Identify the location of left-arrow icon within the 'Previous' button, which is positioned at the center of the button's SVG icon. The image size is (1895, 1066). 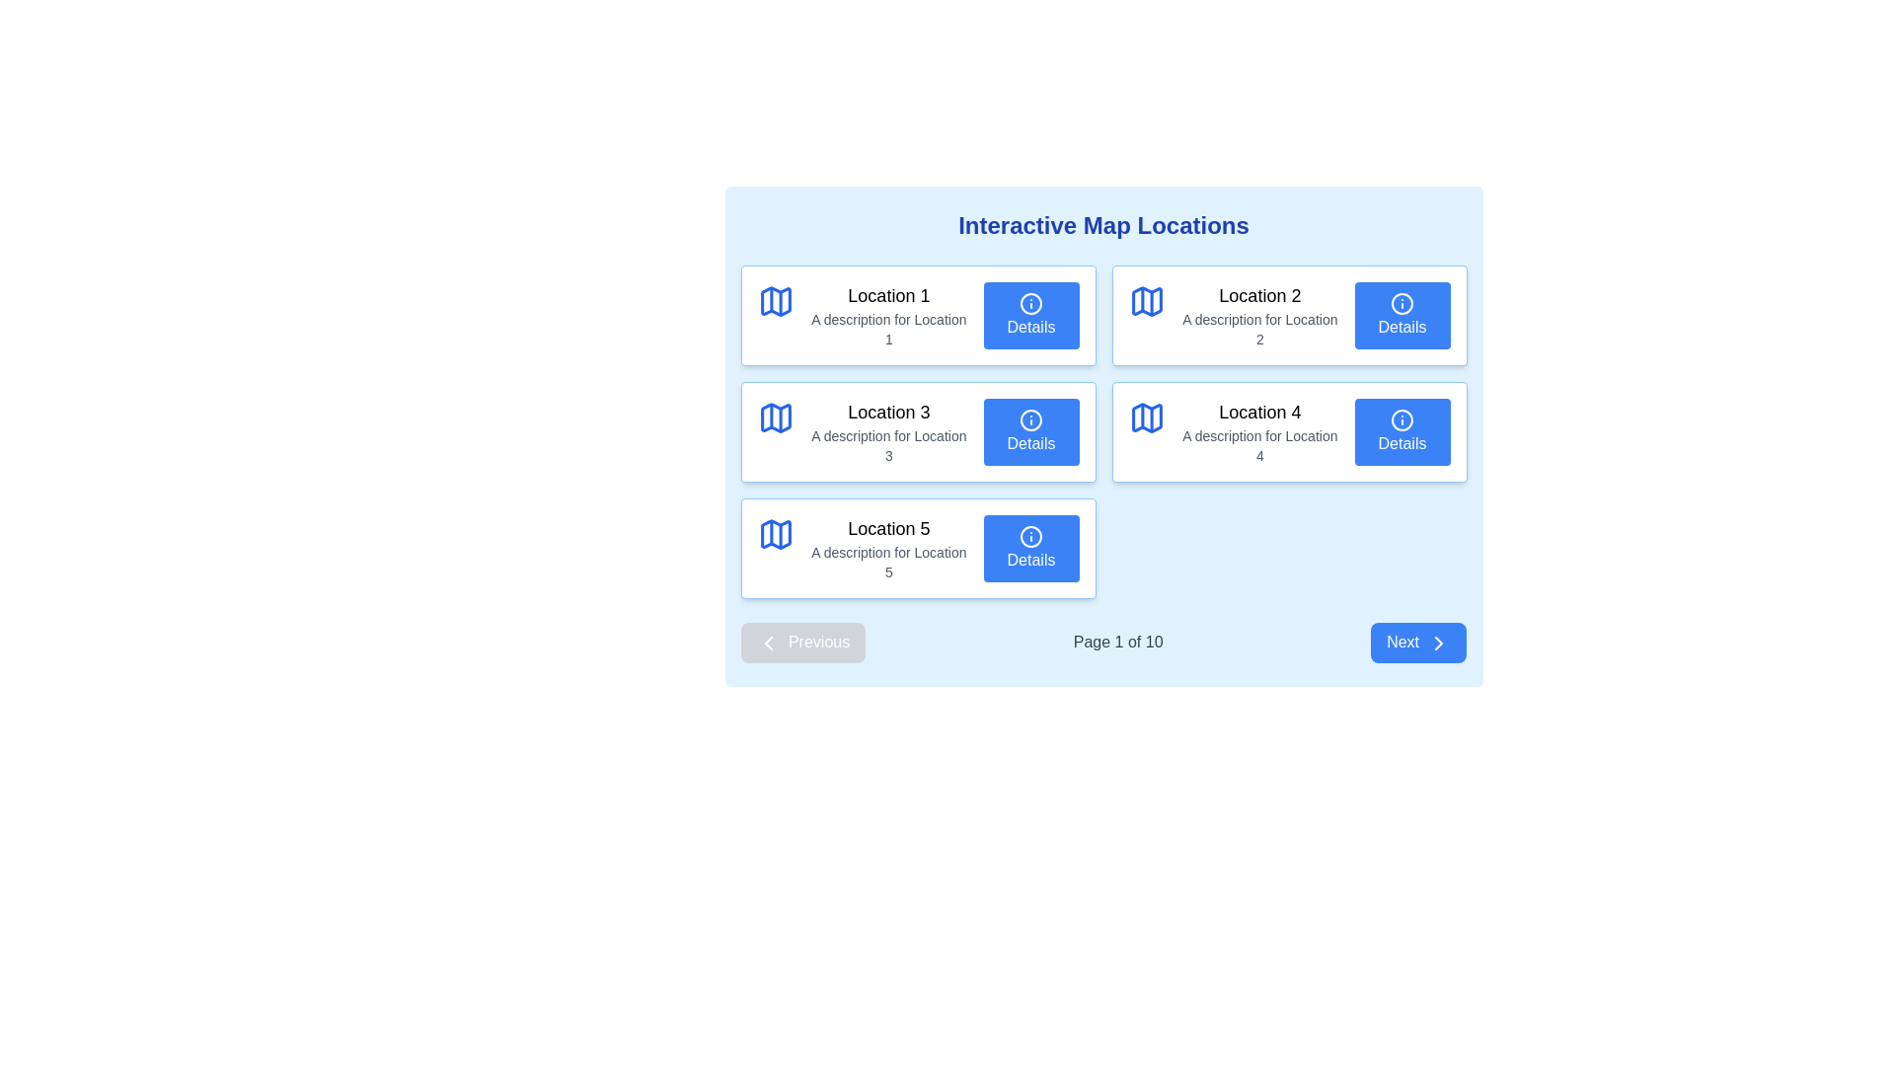
(767, 643).